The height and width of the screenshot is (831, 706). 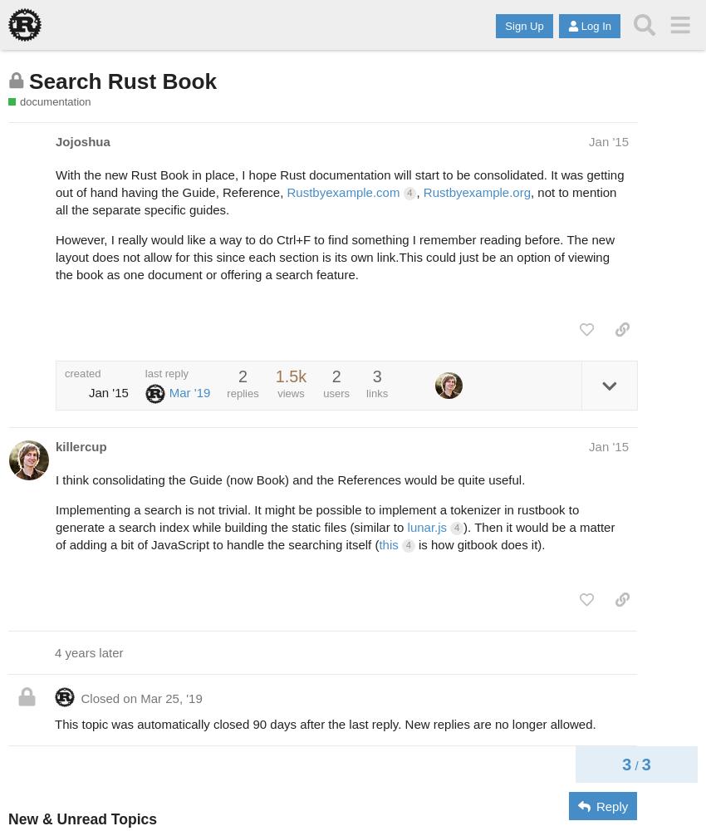 What do you see at coordinates (316, 518) in the screenshot?
I see `'Implementing a search is not trivial. It might be possible to implement a tokenizer in rustbook to generate a search index while building the static files (similar to'` at bounding box center [316, 518].